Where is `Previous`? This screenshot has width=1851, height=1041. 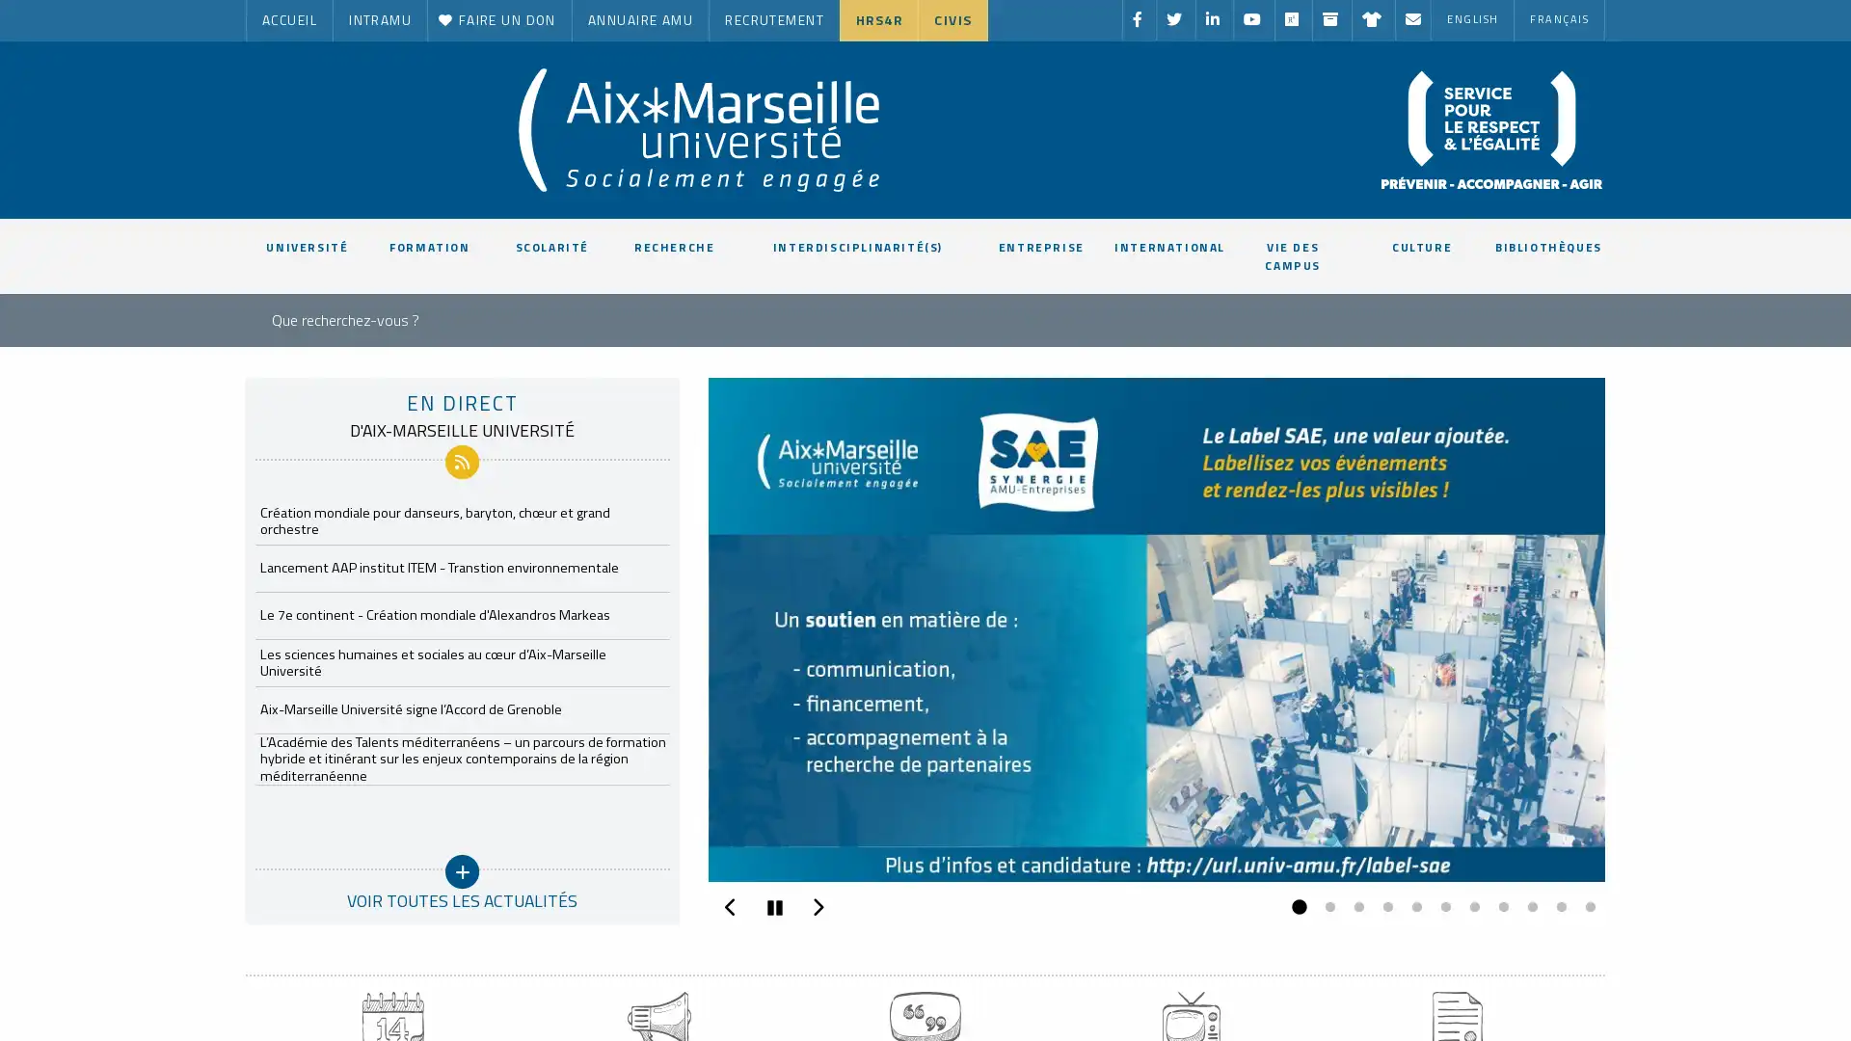
Previous is located at coordinates (730, 903).